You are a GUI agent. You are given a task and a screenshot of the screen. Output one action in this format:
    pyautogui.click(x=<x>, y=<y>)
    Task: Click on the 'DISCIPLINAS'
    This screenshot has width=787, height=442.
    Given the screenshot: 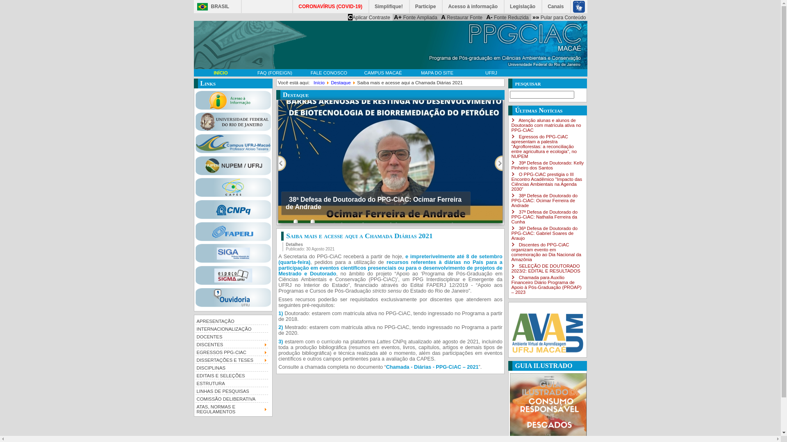 What is the action you would take?
    pyautogui.click(x=194, y=367)
    